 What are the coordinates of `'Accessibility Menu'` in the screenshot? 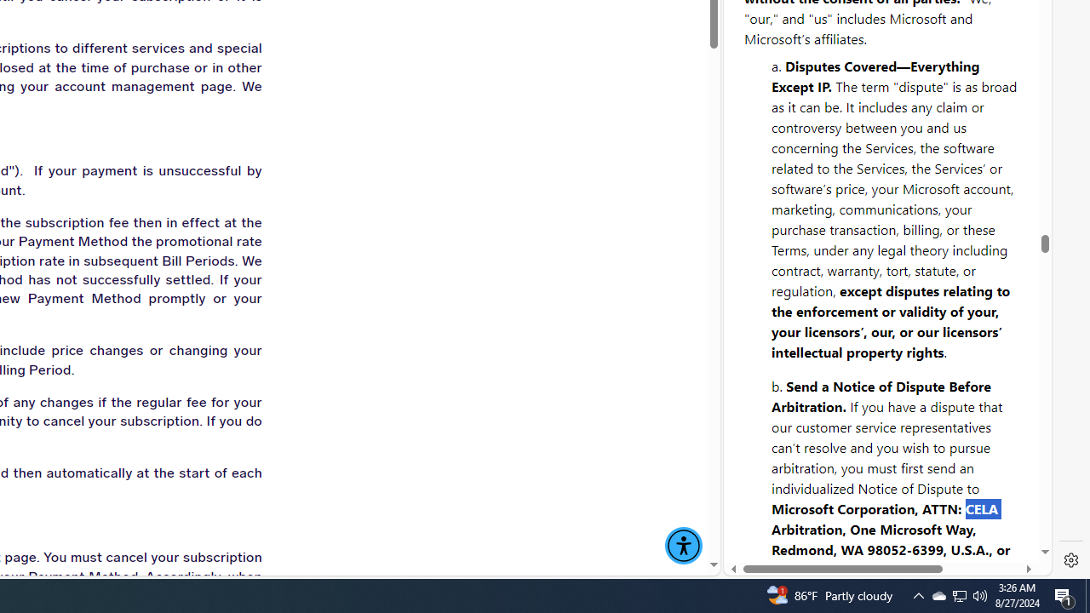 It's located at (684, 546).